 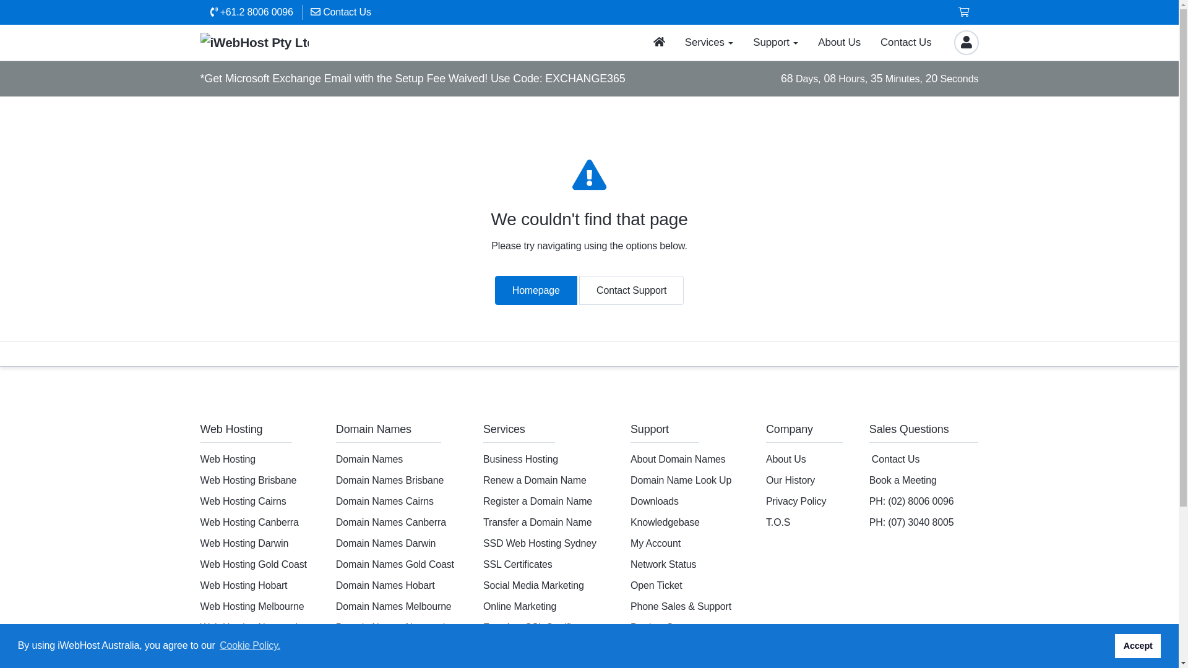 What do you see at coordinates (368, 459) in the screenshot?
I see `'Domain Names'` at bounding box center [368, 459].